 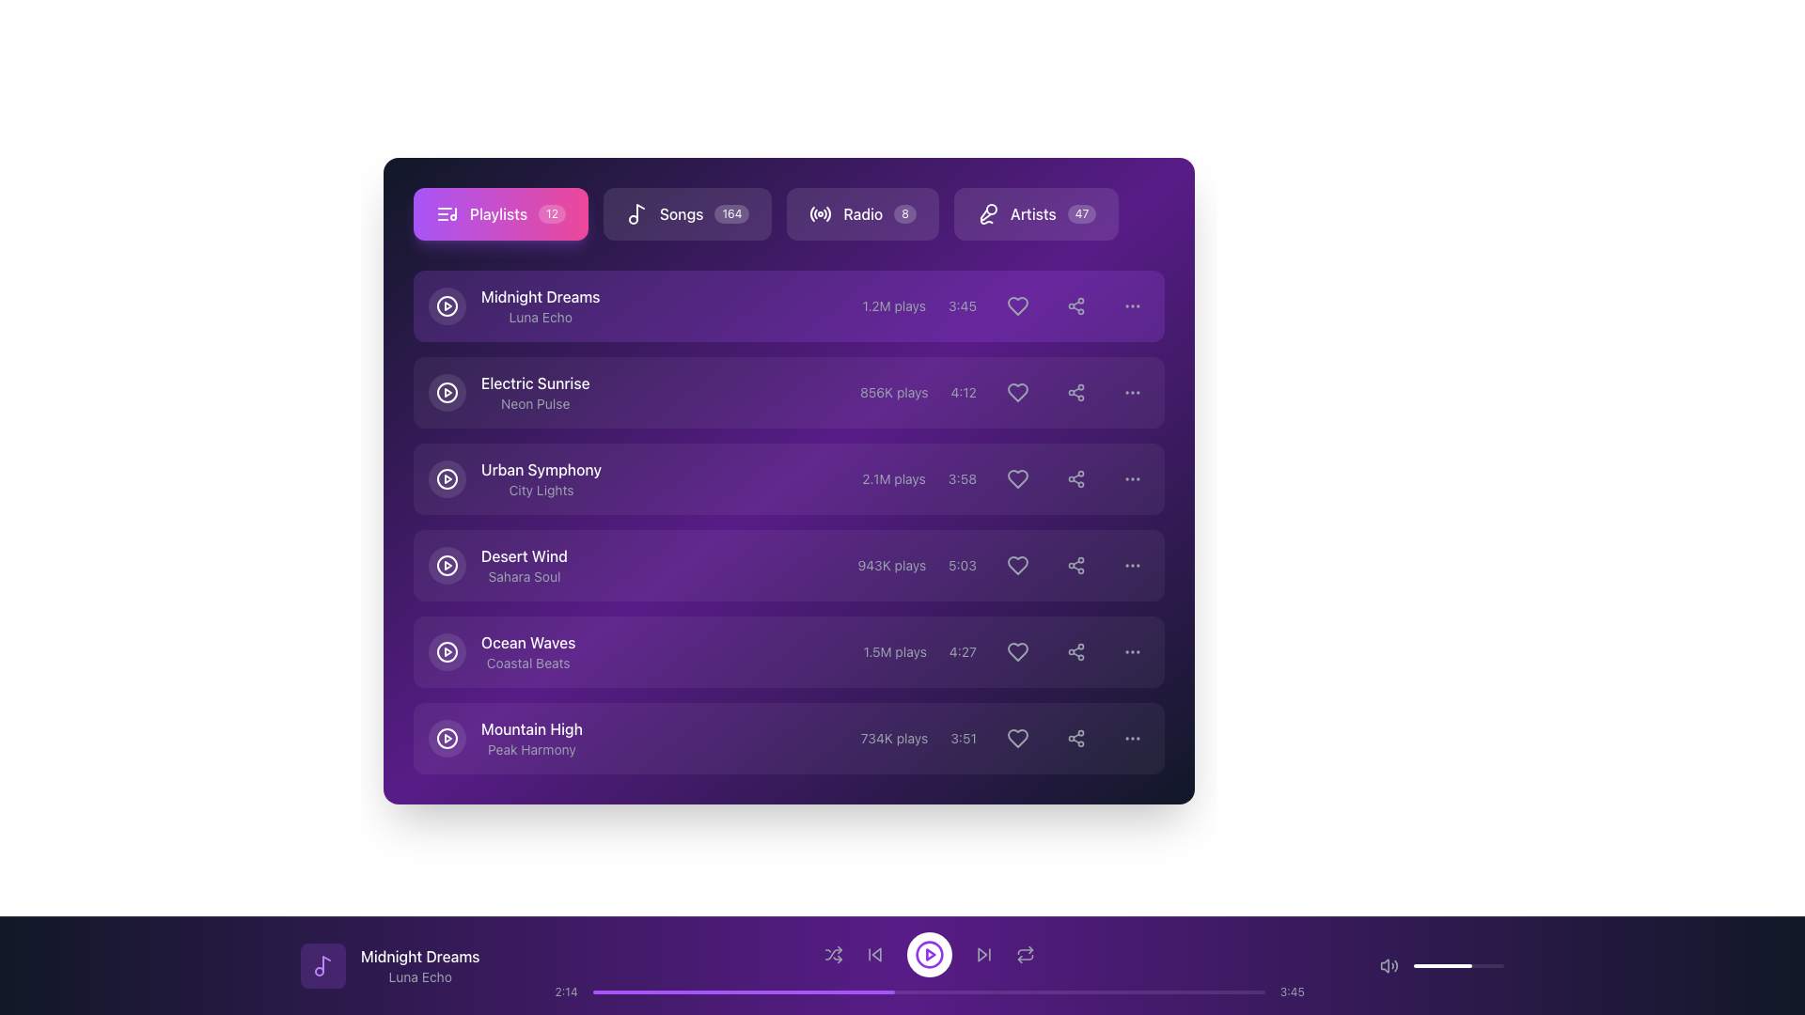 What do you see at coordinates (789, 391) in the screenshot?
I see `the second list item in the playlist interface, which displays details about the track 'Electric Sunrise'` at bounding box center [789, 391].